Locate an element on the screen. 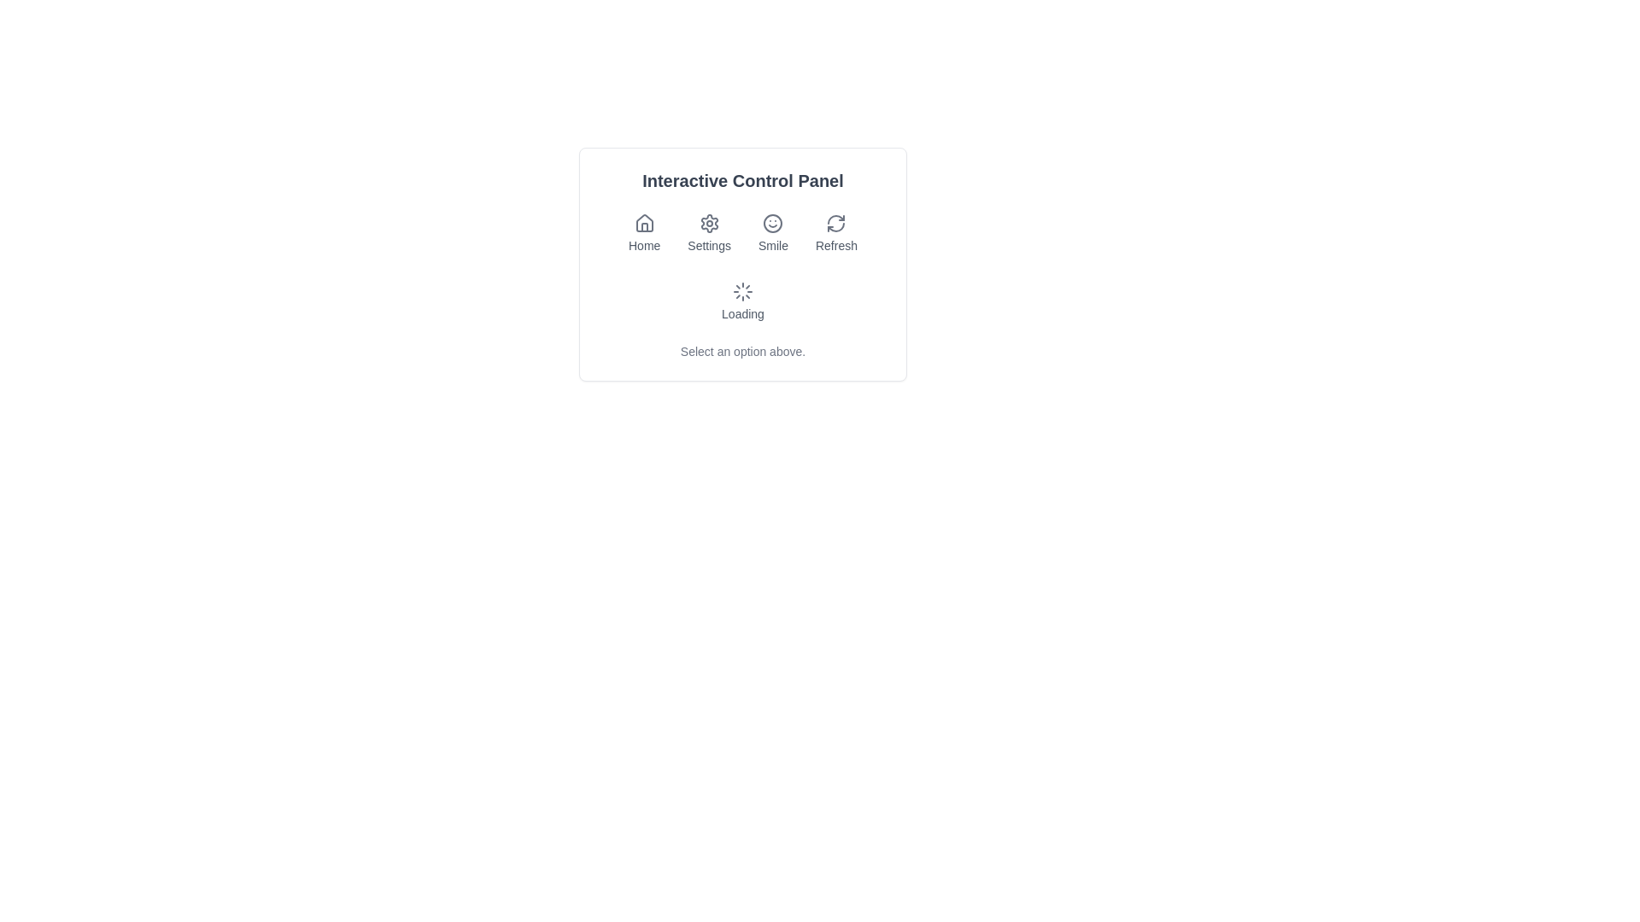 Image resolution: width=1640 pixels, height=922 pixels. the small gray gear icon representing settings, located above the label 'Settings' is located at coordinates (709, 223).